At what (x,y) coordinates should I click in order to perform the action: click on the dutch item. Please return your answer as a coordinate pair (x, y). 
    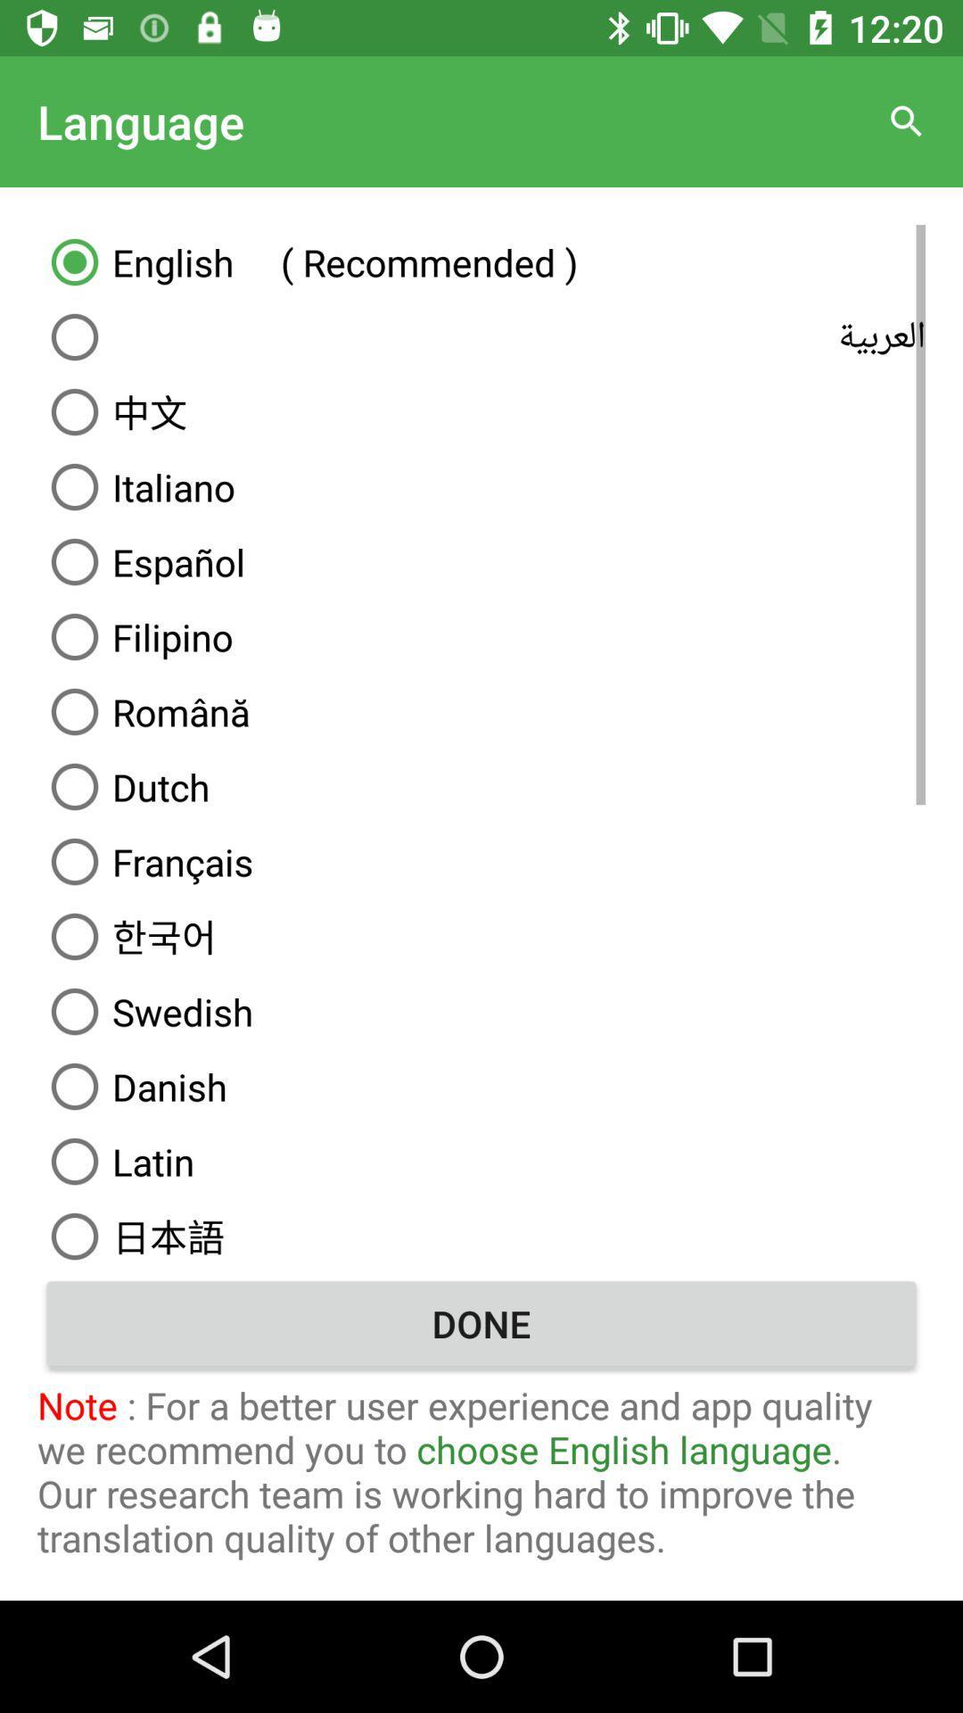
    Looking at the image, I should click on (481, 786).